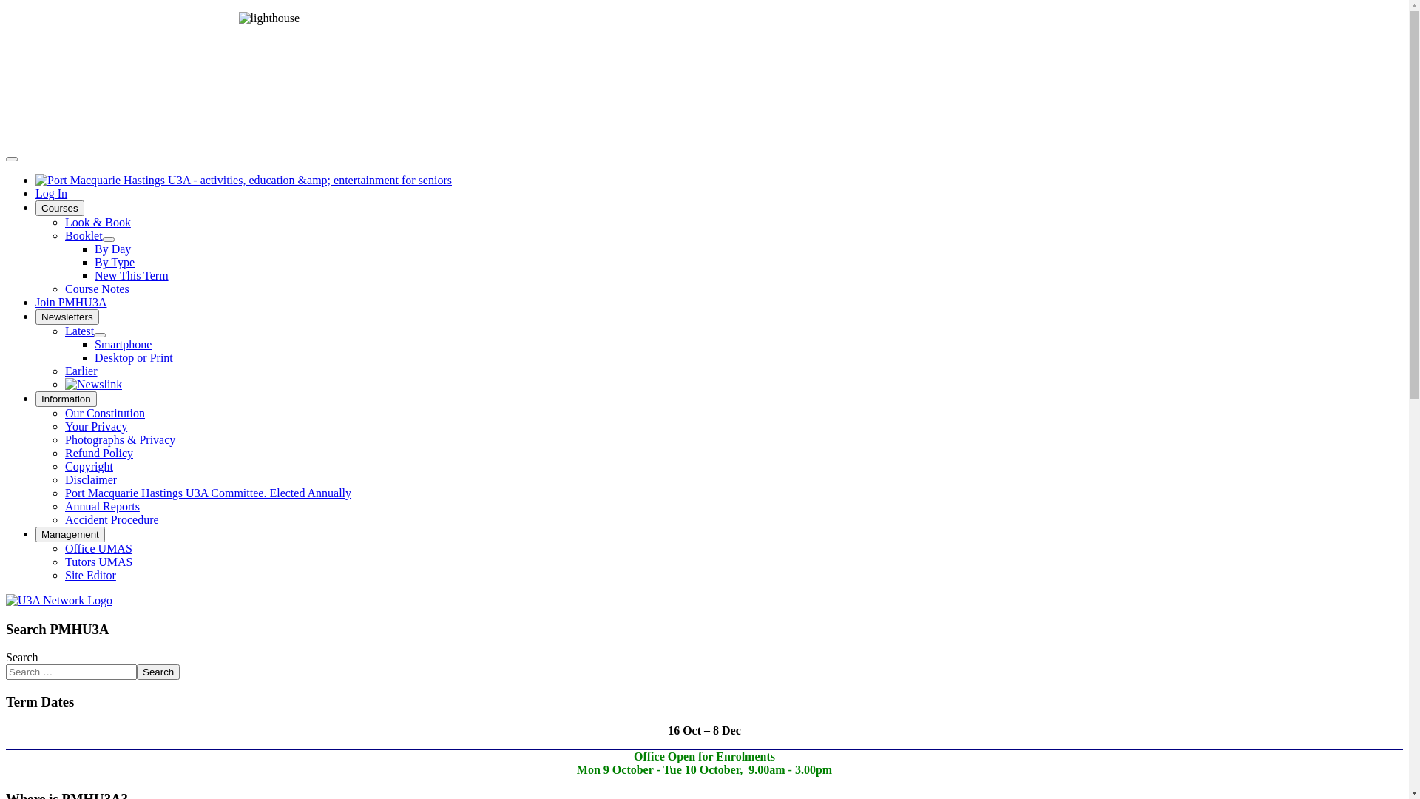  I want to click on 'Course Notes', so click(64, 289).